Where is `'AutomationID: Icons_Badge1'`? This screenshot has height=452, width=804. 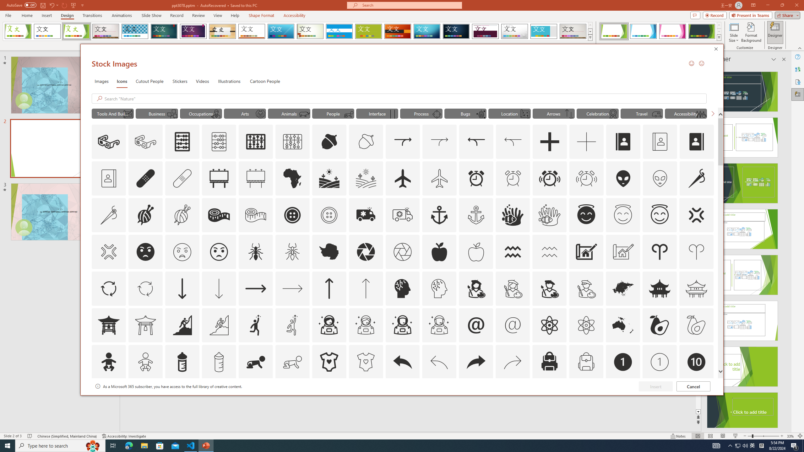
'AutomationID: Icons_Badge1' is located at coordinates (623, 362).